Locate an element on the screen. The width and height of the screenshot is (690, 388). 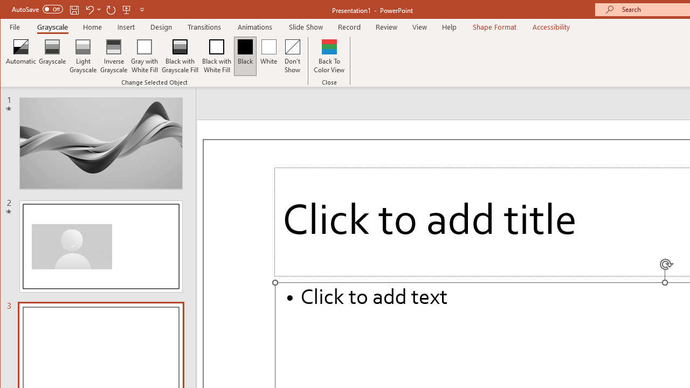
'Black' is located at coordinates (245, 56).